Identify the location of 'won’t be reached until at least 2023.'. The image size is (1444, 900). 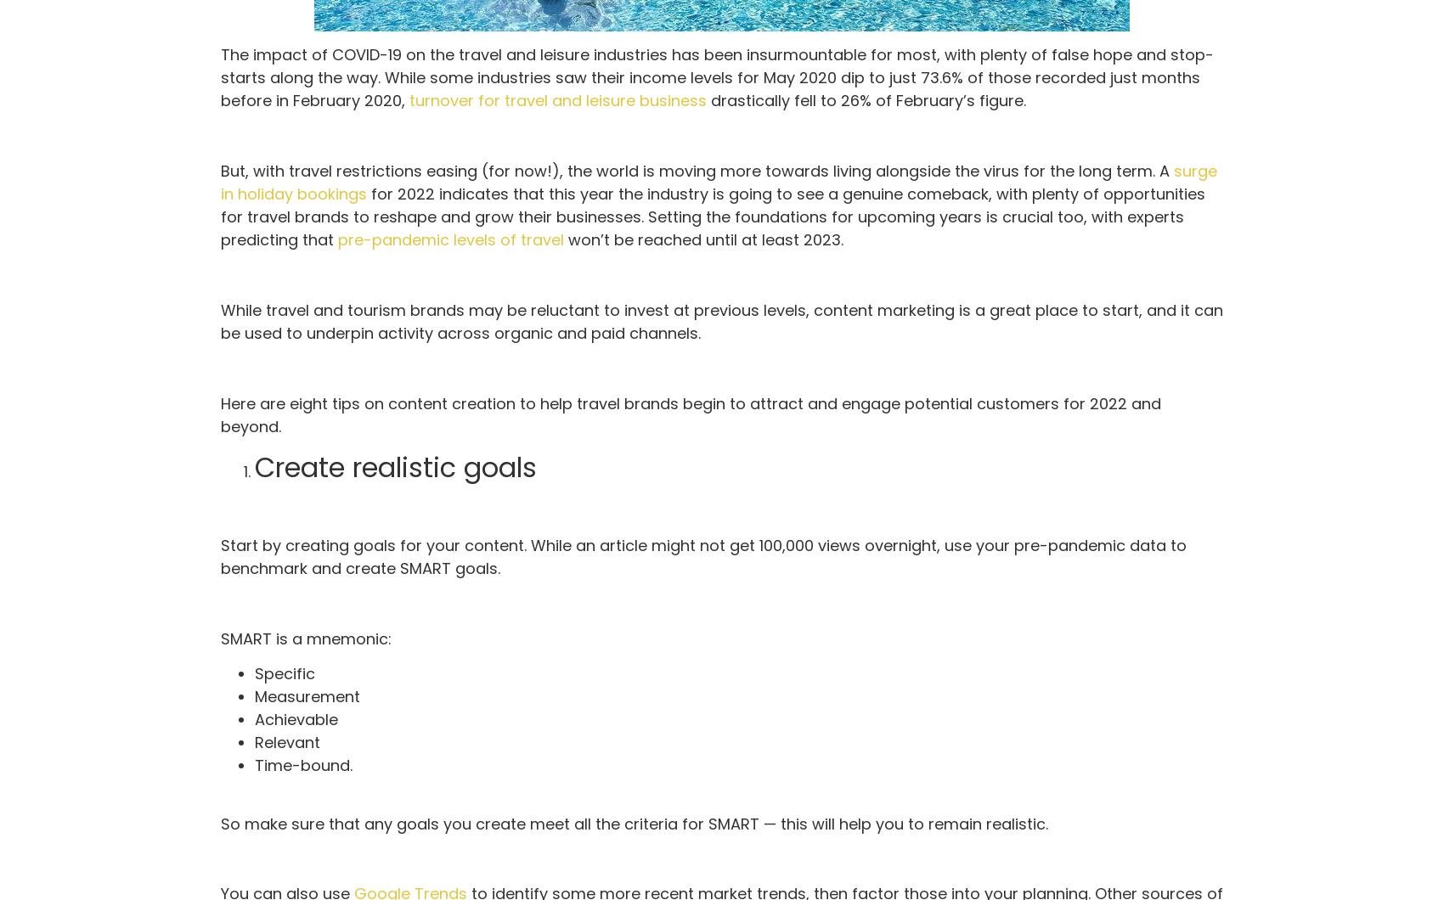
(702, 239).